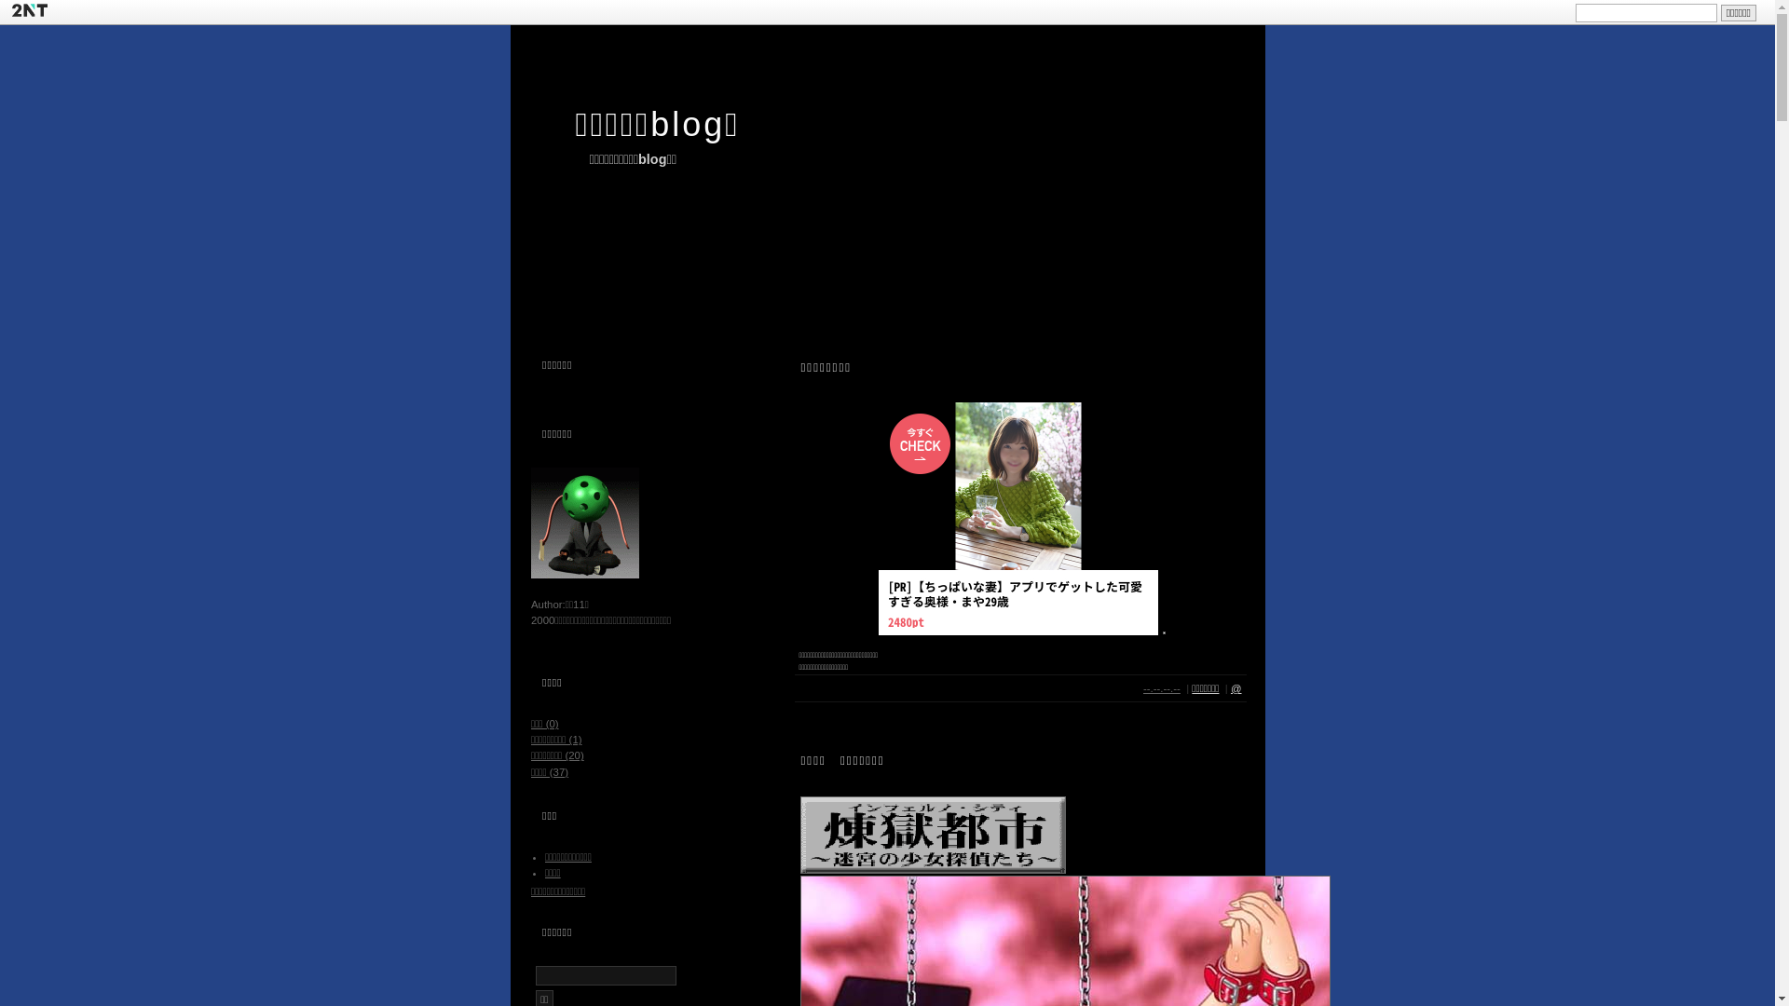 This screenshot has height=1006, width=1789. What do you see at coordinates (1161, 688) in the screenshot?
I see `'--.--.--.--'` at bounding box center [1161, 688].